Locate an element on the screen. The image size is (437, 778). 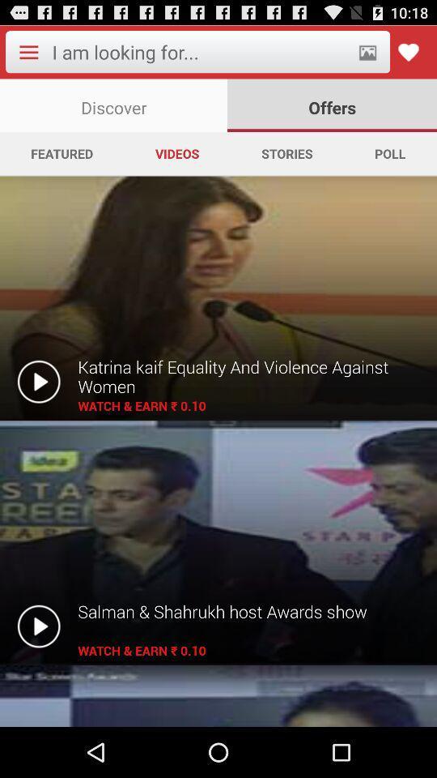
icon next to discover icon is located at coordinates (331, 105).